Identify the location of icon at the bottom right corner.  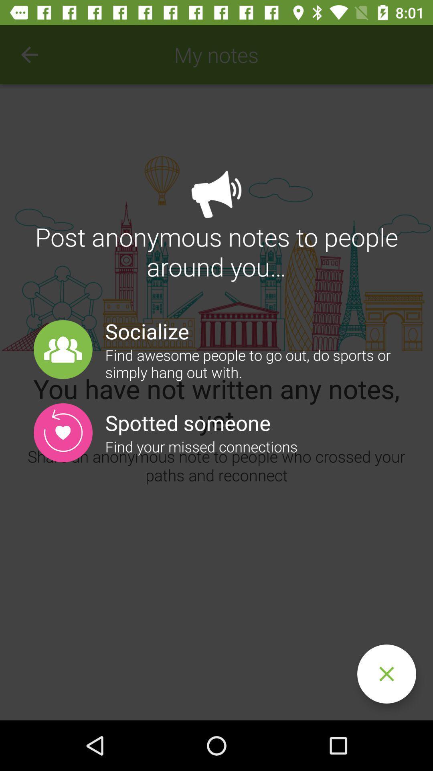
(386, 674).